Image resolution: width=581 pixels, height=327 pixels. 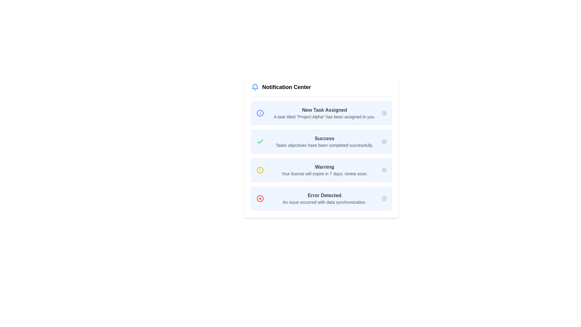 What do you see at coordinates (324, 145) in the screenshot?
I see `the static informational text that states 'Tasks objectives have been completed successfully.' located below the 'Success' text in the notification card` at bounding box center [324, 145].